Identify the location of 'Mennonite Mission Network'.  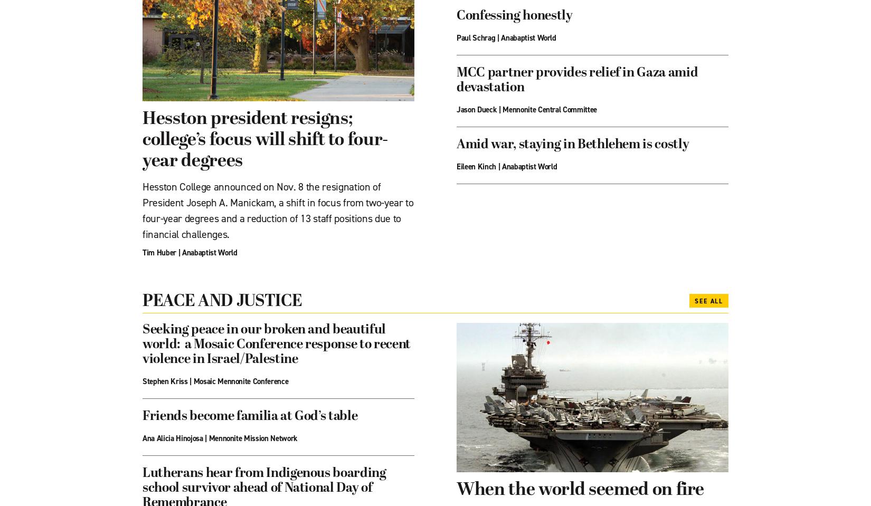
(209, 437).